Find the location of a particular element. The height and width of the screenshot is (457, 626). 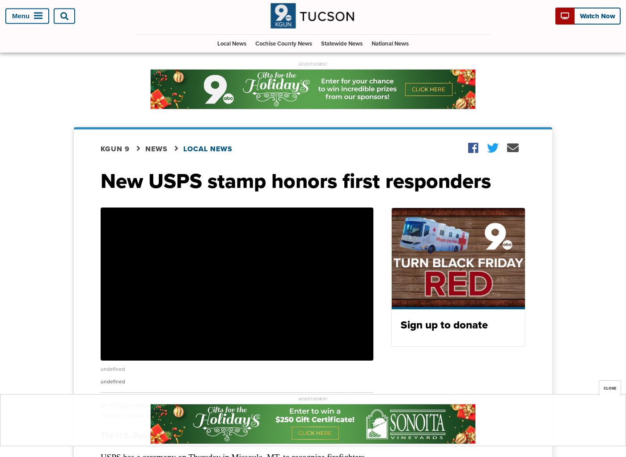

'Watch Now' is located at coordinates (596, 16).